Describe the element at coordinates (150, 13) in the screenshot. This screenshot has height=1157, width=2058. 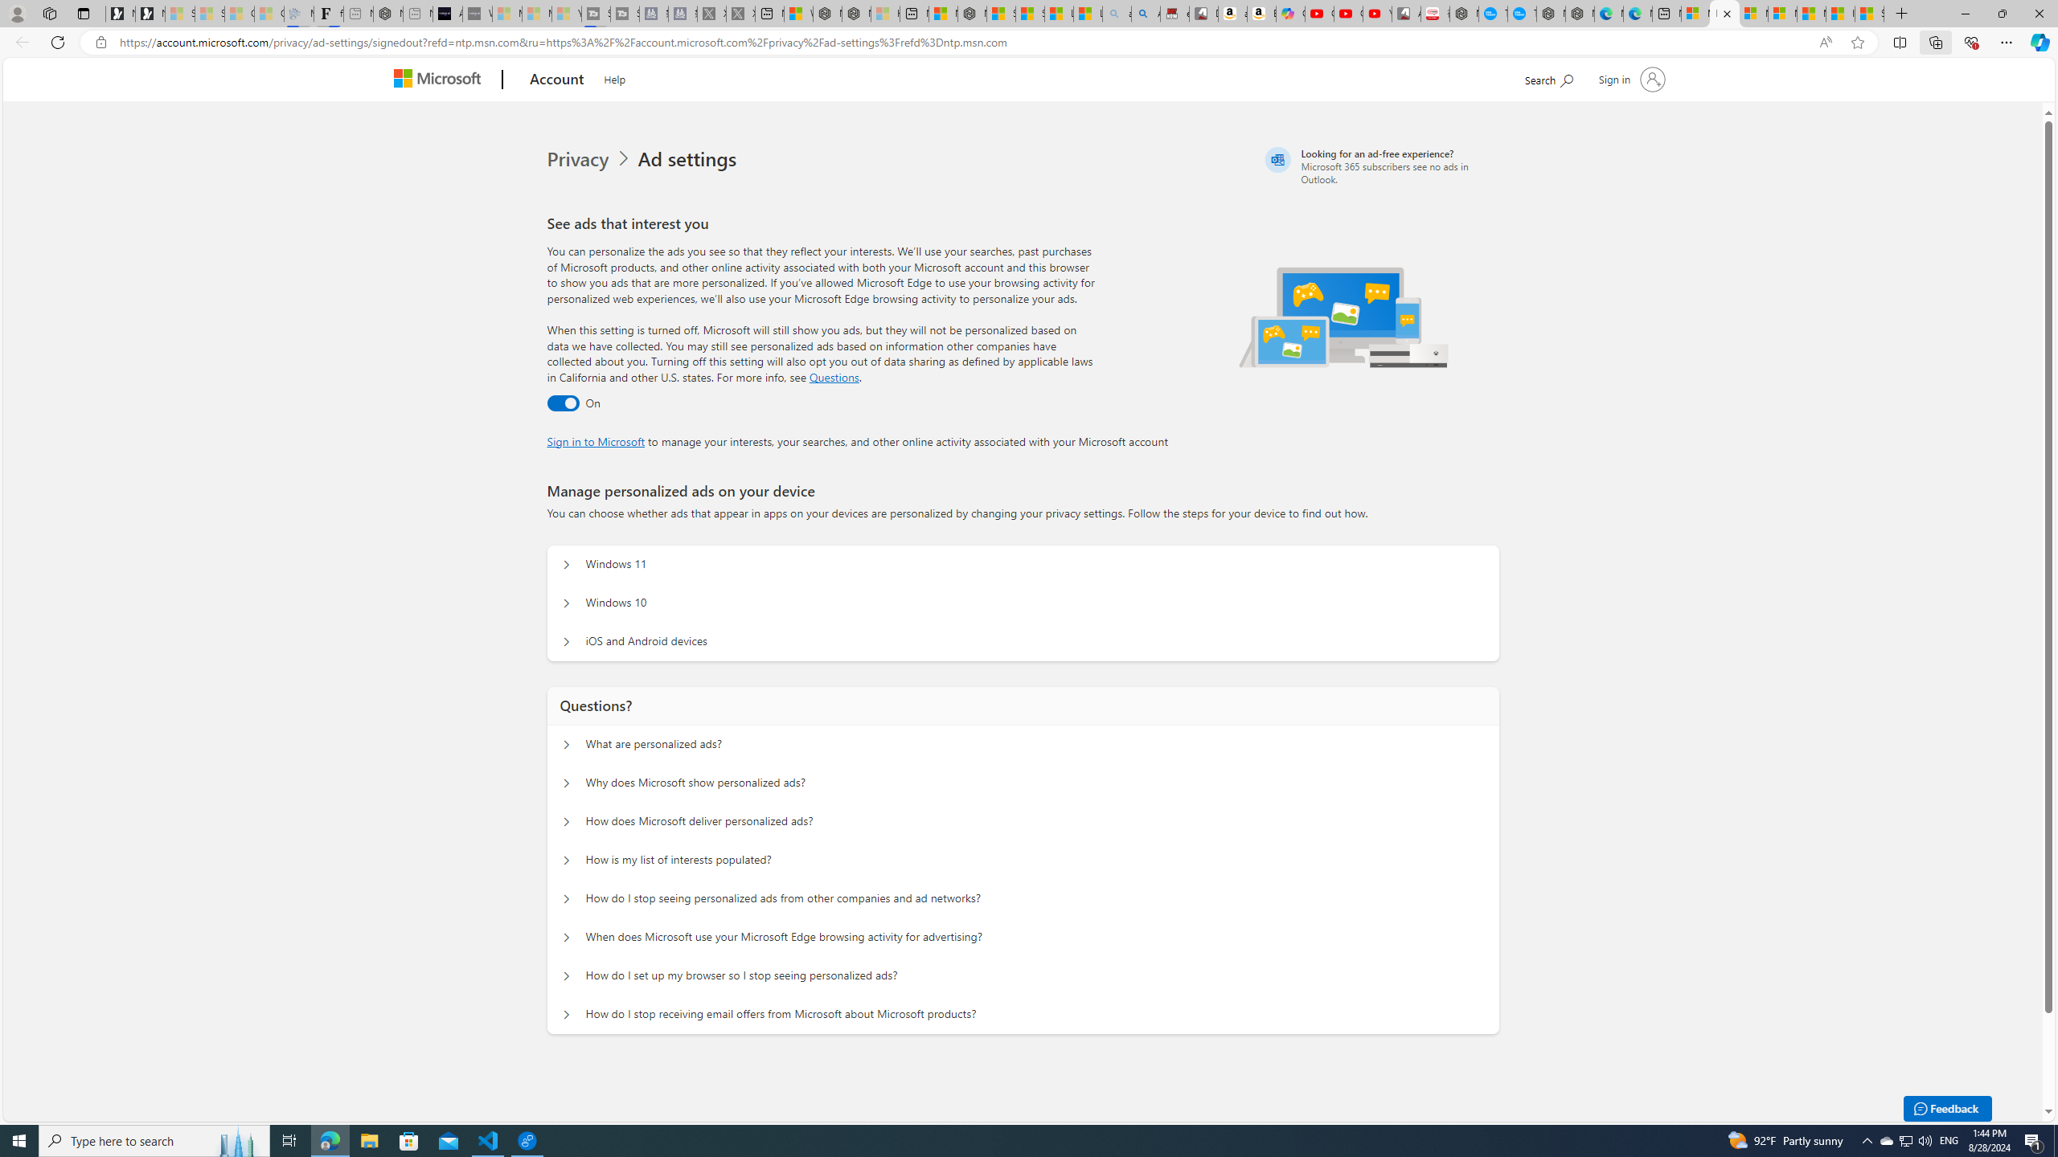
I see `'Newsletter Sign Up'` at that location.